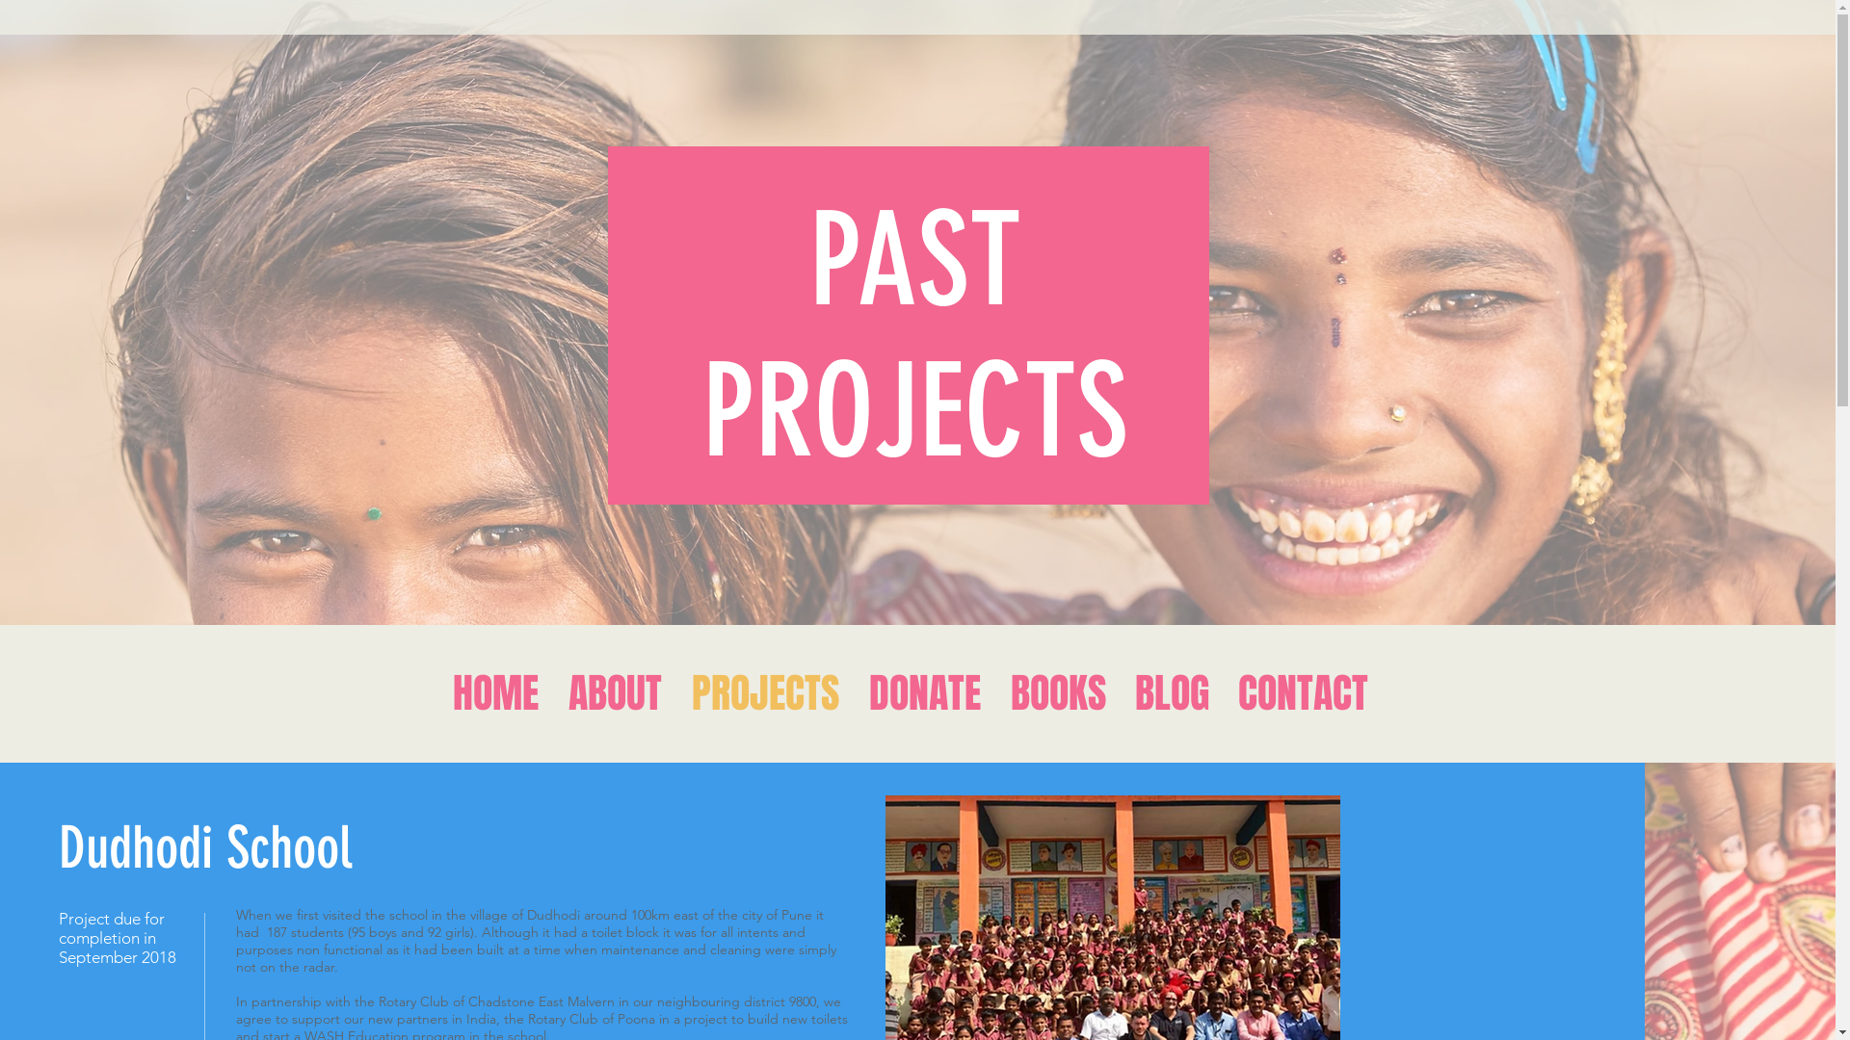 The image size is (1850, 1040). I want to click on 'PROJECTS', so click(763, 693).